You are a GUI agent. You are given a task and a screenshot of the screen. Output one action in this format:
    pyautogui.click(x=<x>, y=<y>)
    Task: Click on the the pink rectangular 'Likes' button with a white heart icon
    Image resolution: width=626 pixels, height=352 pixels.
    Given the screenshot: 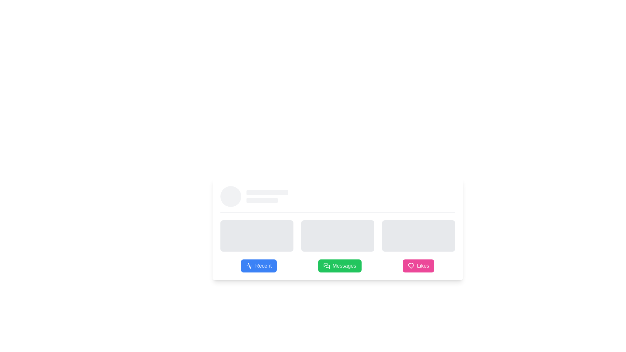 What is the action you would take?
    pyautogui.click(x=418, y=266)
    